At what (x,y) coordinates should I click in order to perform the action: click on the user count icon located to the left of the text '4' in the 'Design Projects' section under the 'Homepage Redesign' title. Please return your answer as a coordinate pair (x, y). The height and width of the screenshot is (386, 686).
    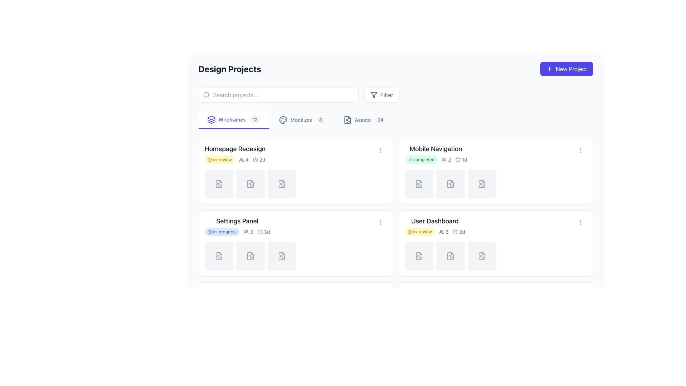
    Looking at the image, I should click on (241, 159).